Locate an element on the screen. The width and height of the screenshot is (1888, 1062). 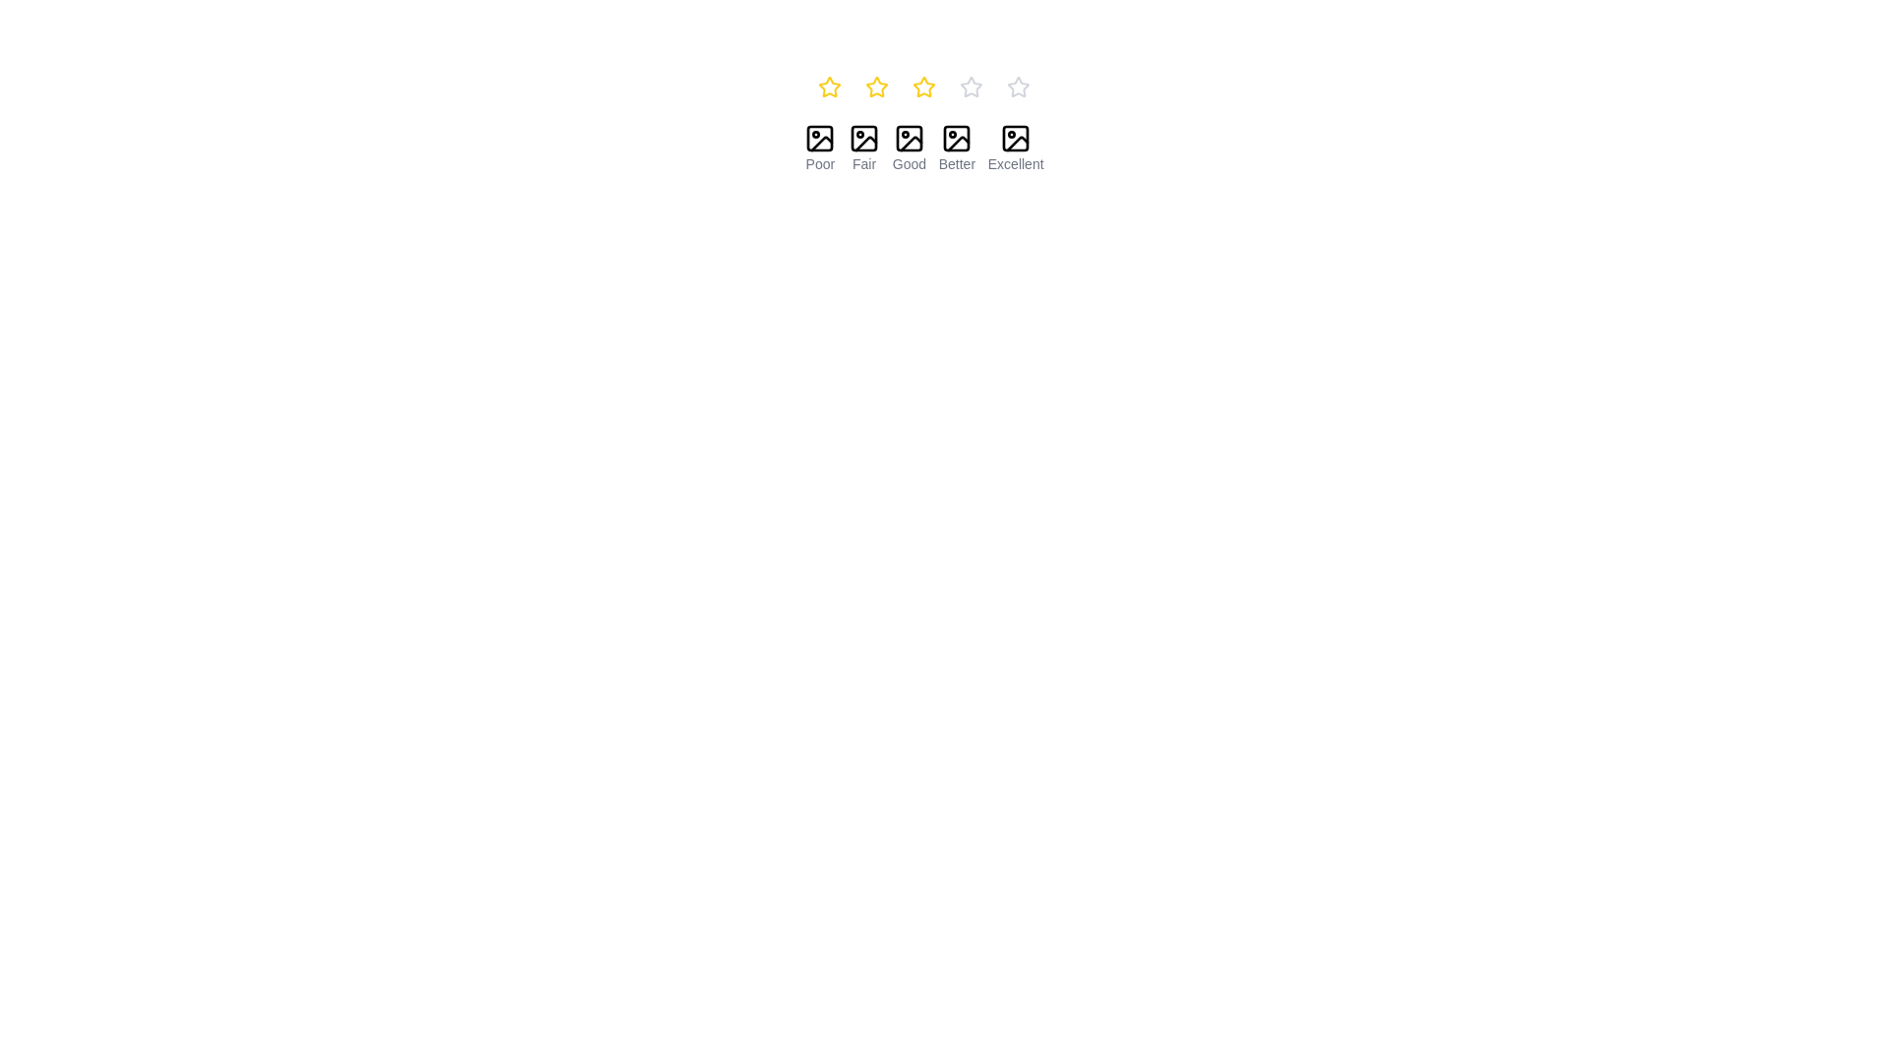
the hollow star icon, which is the fourth star in a row of five is located at coordinates (972, 86).